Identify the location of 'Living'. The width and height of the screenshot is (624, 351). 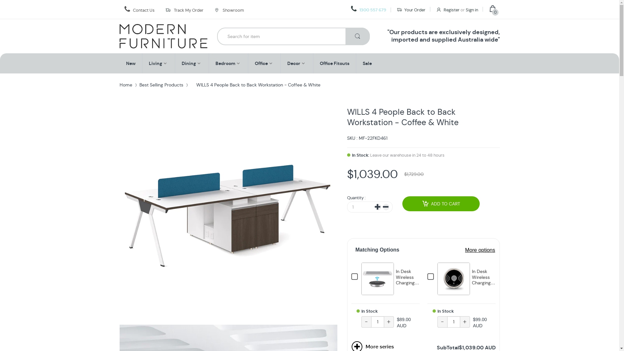
(155, 63).